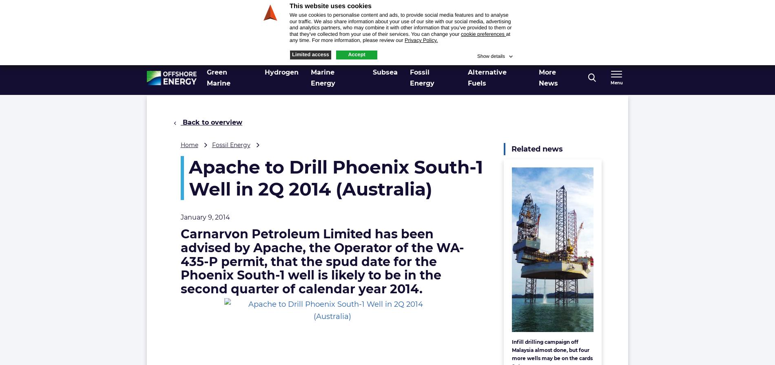 The image size is (775, 365). What do you see at coordinates (518, 37) in the screenshot?
I see `'Advertisement'` at bounding box center [518, 37].